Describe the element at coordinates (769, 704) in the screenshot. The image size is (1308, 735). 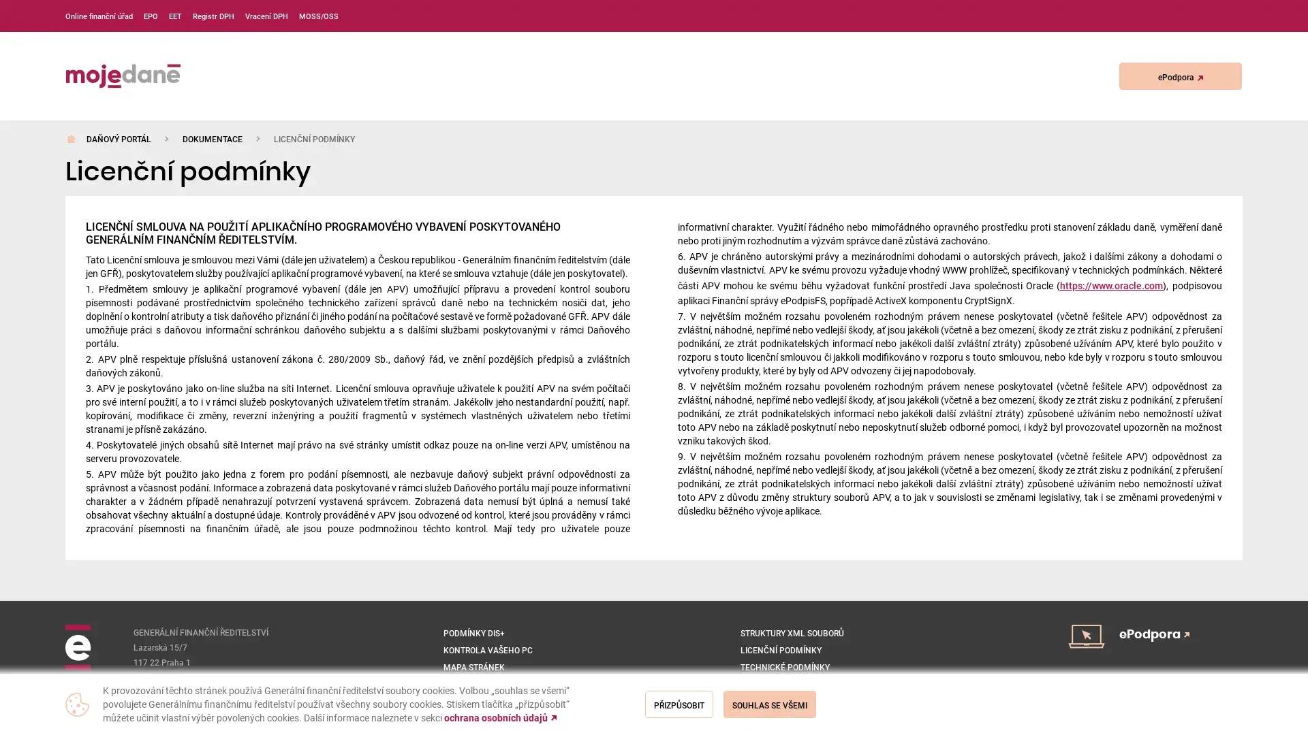
I see `Souhlas se vsemi` at that location.